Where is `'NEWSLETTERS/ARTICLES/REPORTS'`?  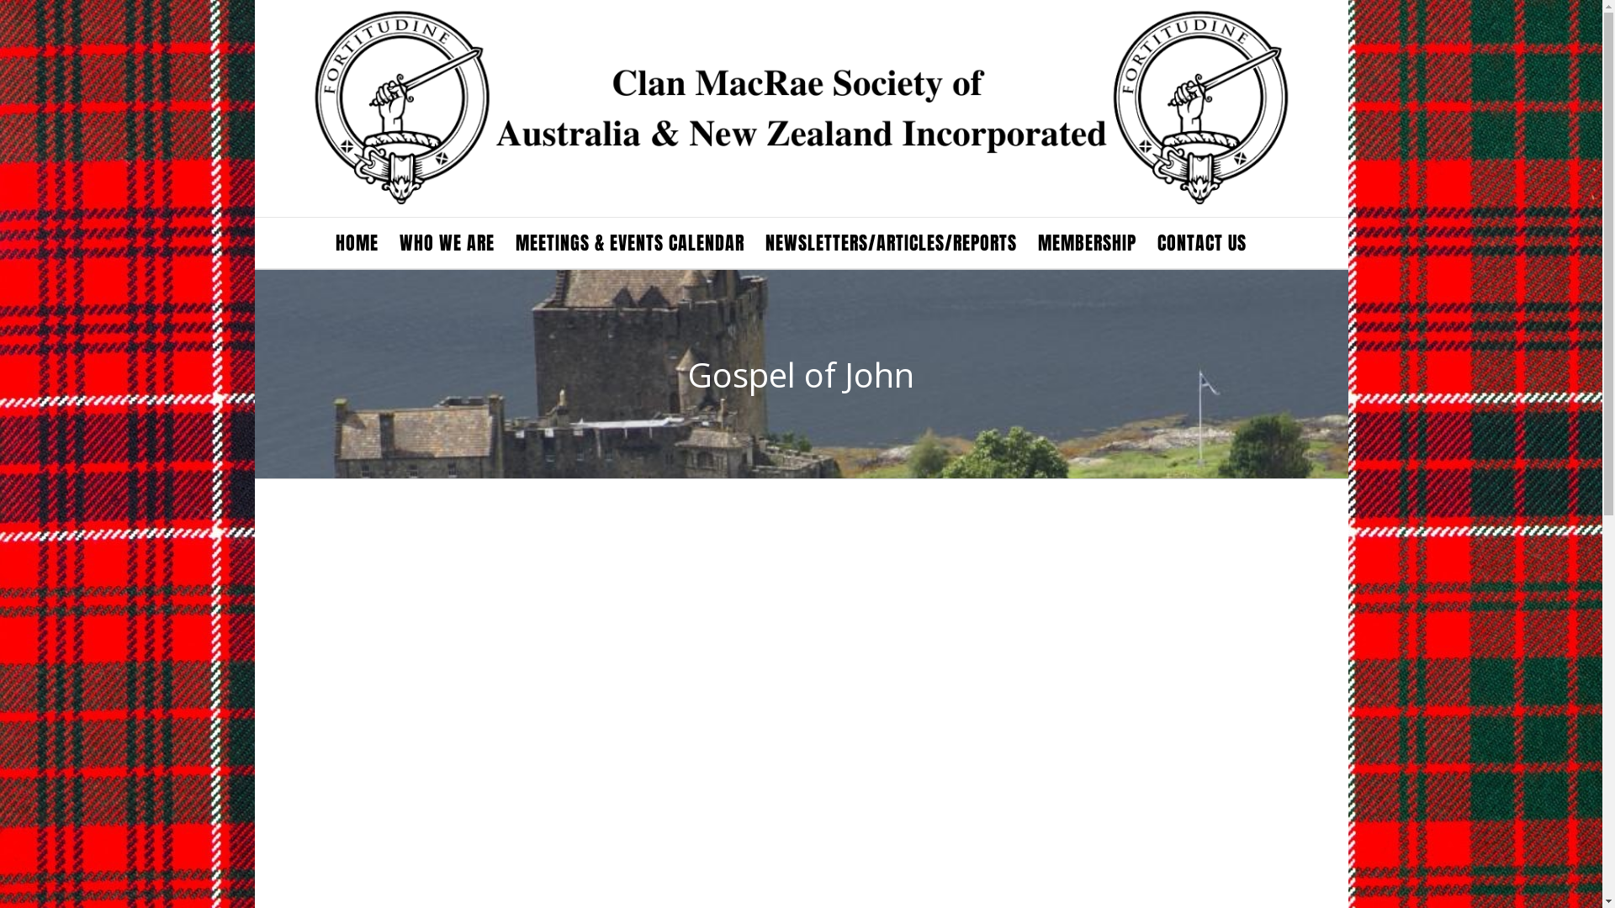
'NEWSLETTERS/ARTICLES/REPORTS' is located at coordinates (890, 243).